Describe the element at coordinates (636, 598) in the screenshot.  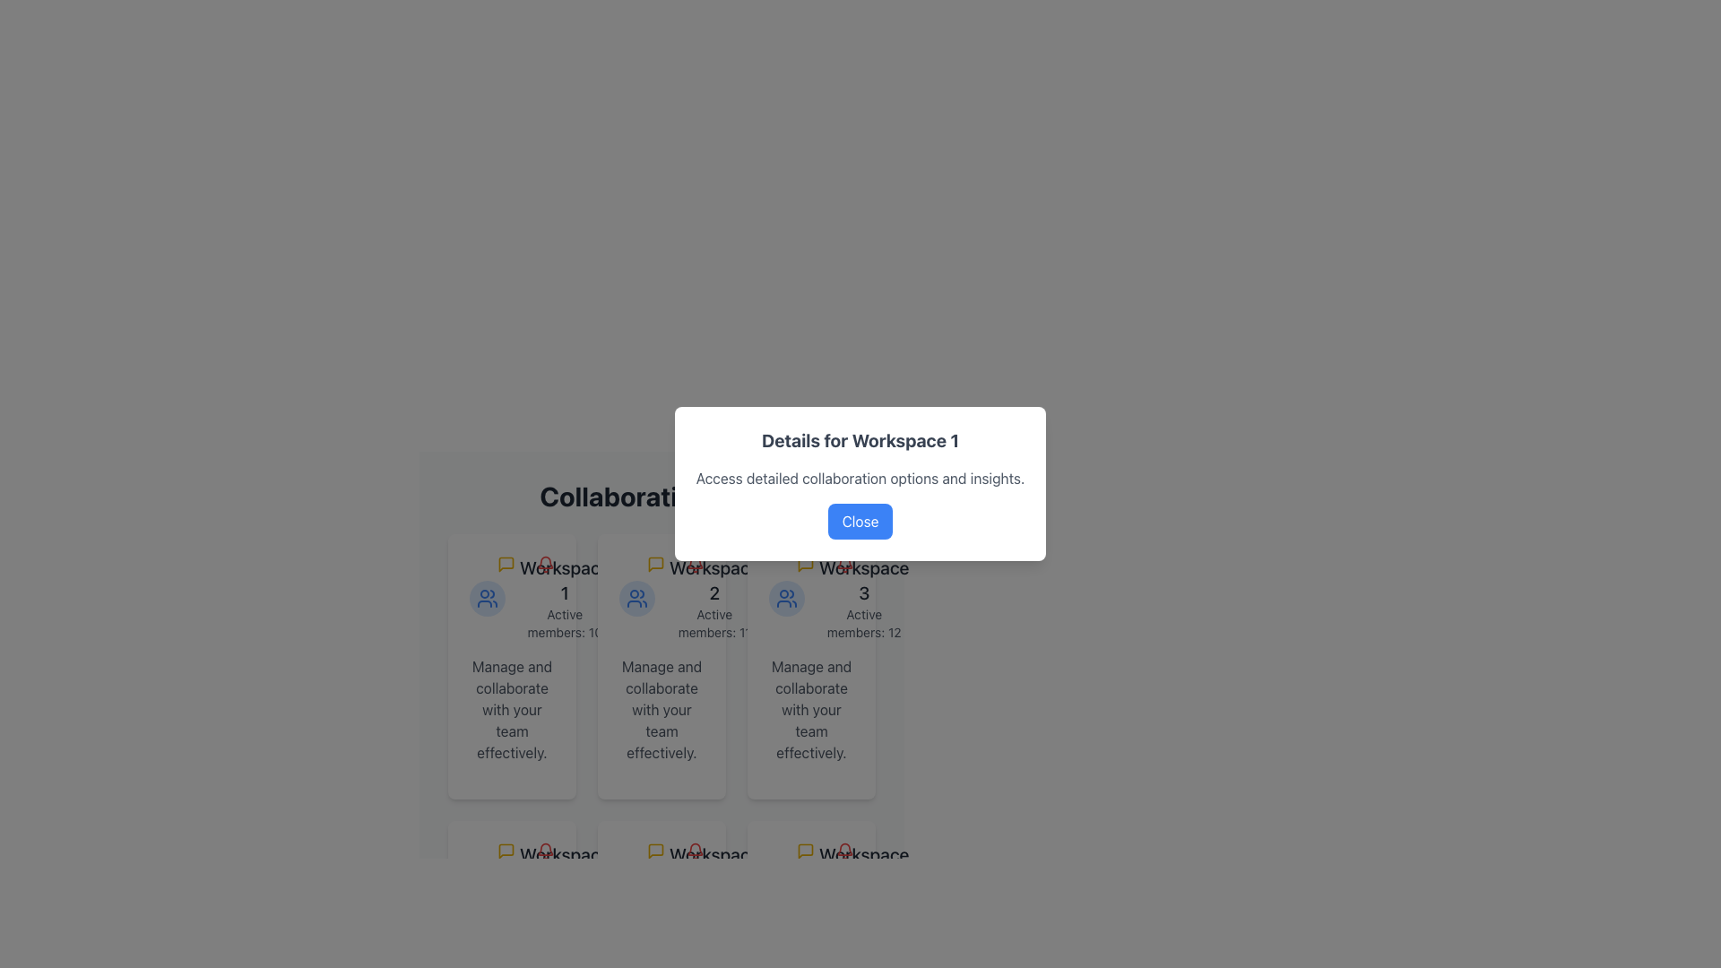
I see `the circular blue icon with white user figures in the 'Workspace 2' section, located above the text 'Workspace 2' and 'Active members: 11'` at that location.